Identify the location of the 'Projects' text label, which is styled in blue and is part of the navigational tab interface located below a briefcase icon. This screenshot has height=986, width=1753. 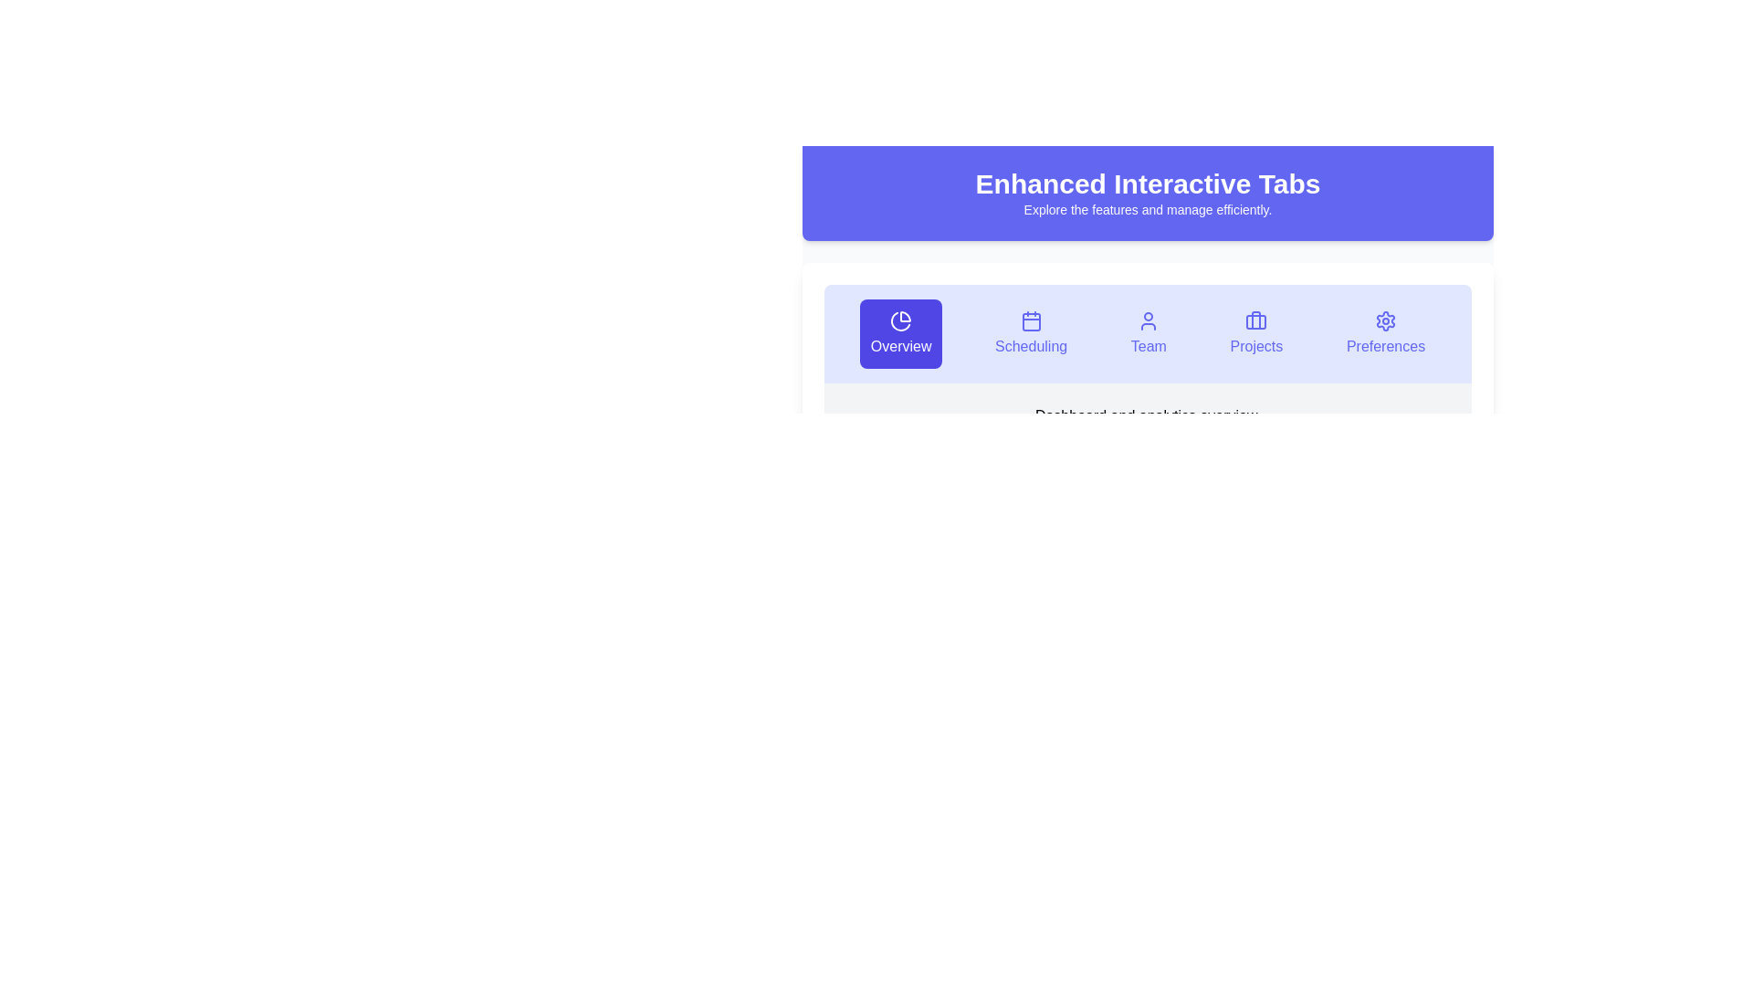
(1255, 347).